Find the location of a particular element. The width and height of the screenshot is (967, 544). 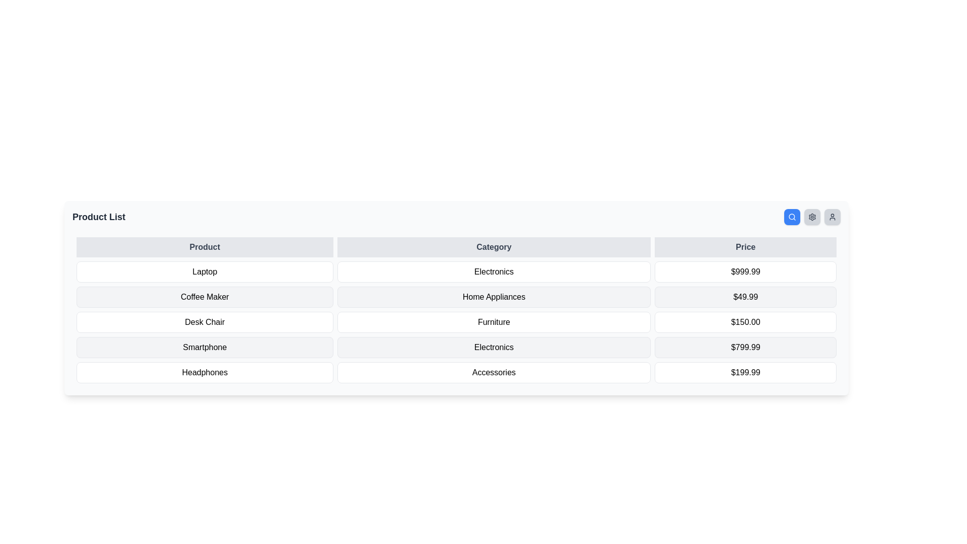

the 'Electronics' category text label, which is the second item in a three-column layout, providing information about the product in the same row is located at coordinates (494, 272).